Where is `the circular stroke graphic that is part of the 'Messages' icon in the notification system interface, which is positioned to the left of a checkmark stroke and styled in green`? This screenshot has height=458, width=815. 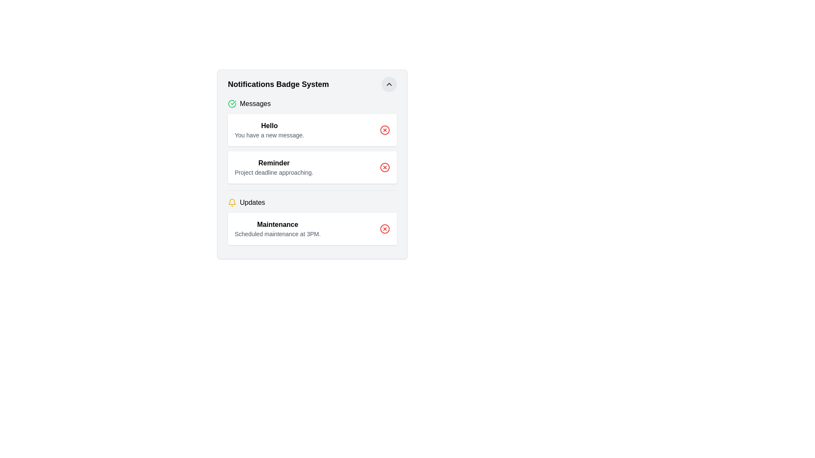
the circular stroke graphic that is part of the 'Messages' icon in the notification system interface, which is positioned to the left of a checkmark stroke and styled in green is located at coordinates (232, 103).